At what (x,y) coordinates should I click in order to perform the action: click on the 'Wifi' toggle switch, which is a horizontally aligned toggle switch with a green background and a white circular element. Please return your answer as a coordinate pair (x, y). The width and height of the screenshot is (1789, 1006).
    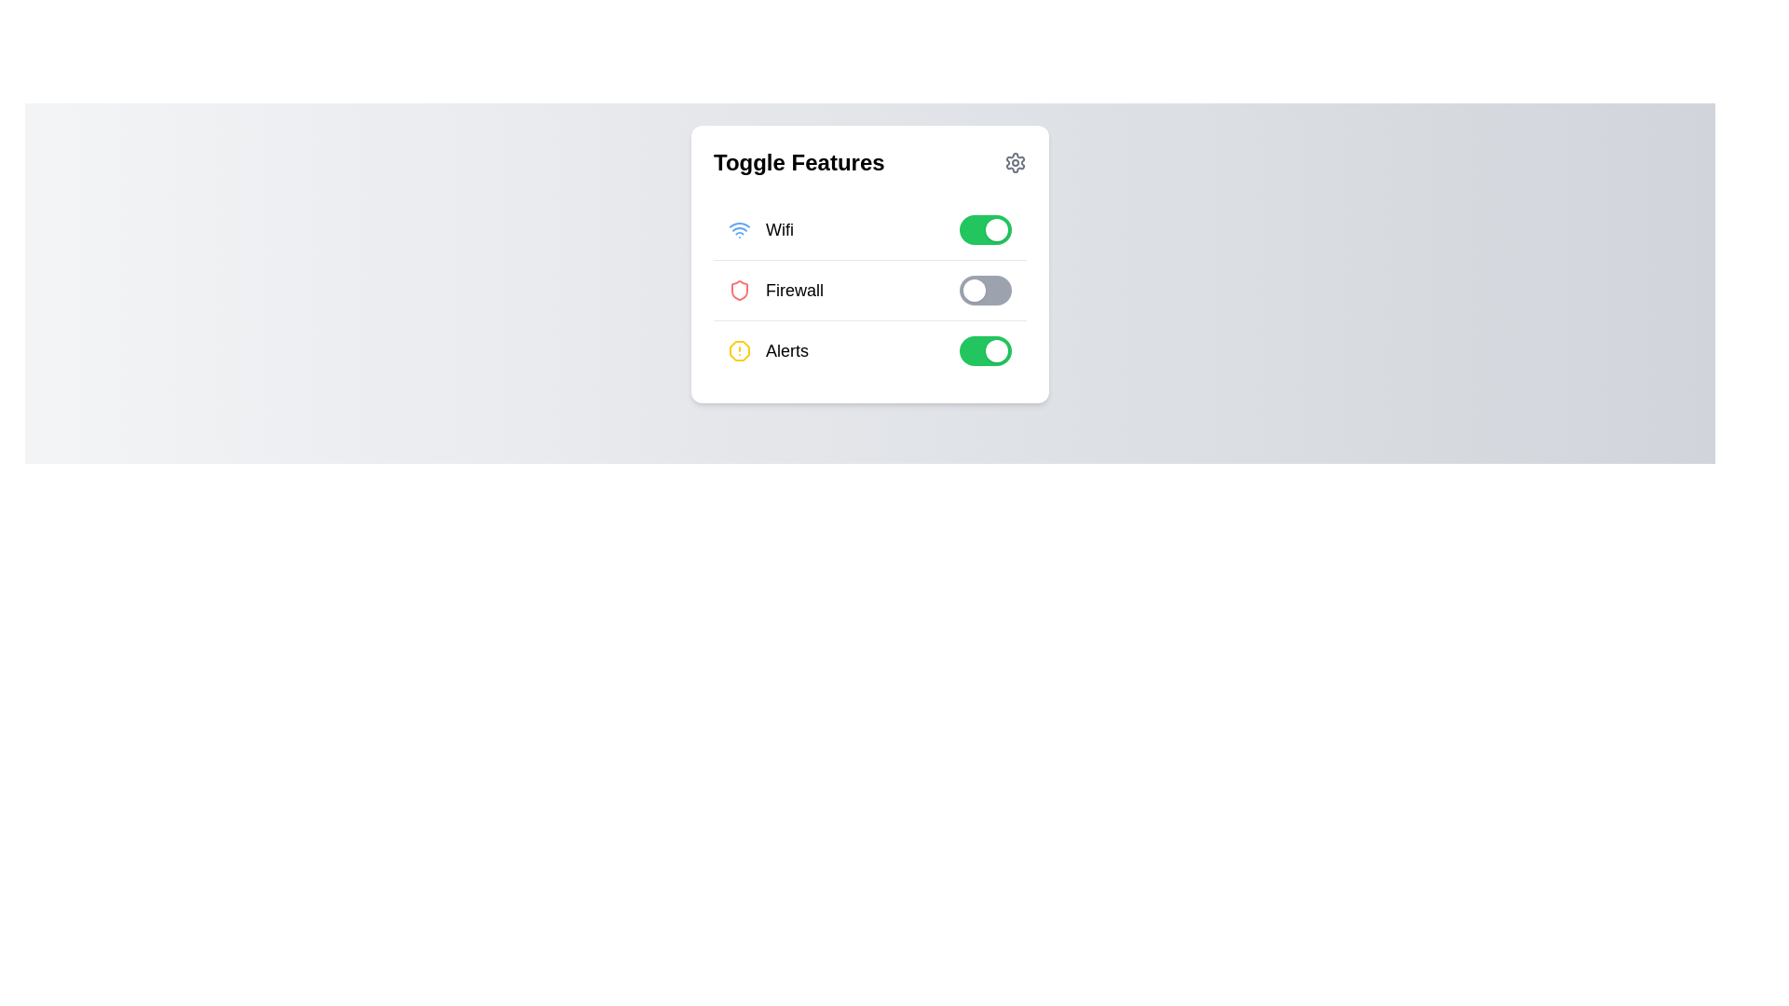
    Looking at the image, I should click on (984, 228).